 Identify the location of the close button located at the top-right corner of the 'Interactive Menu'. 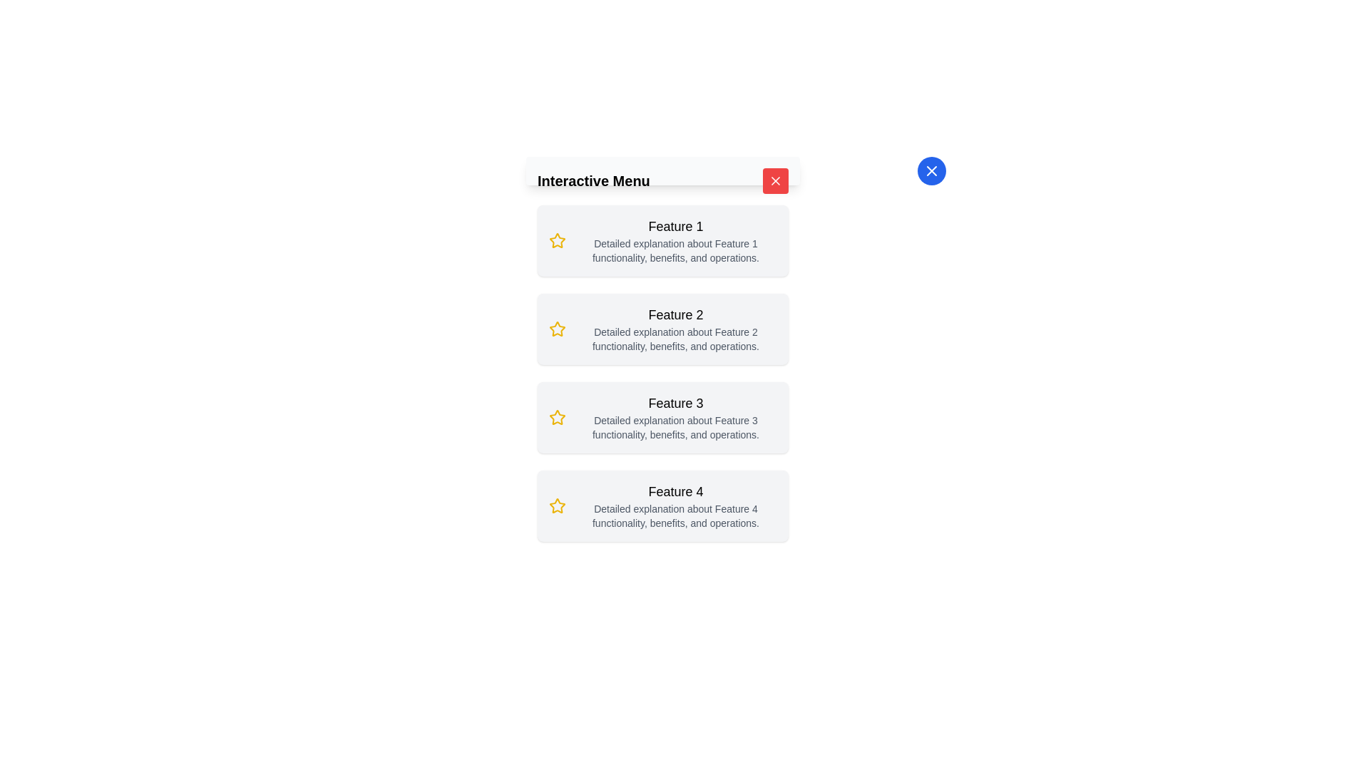
(775, 180).